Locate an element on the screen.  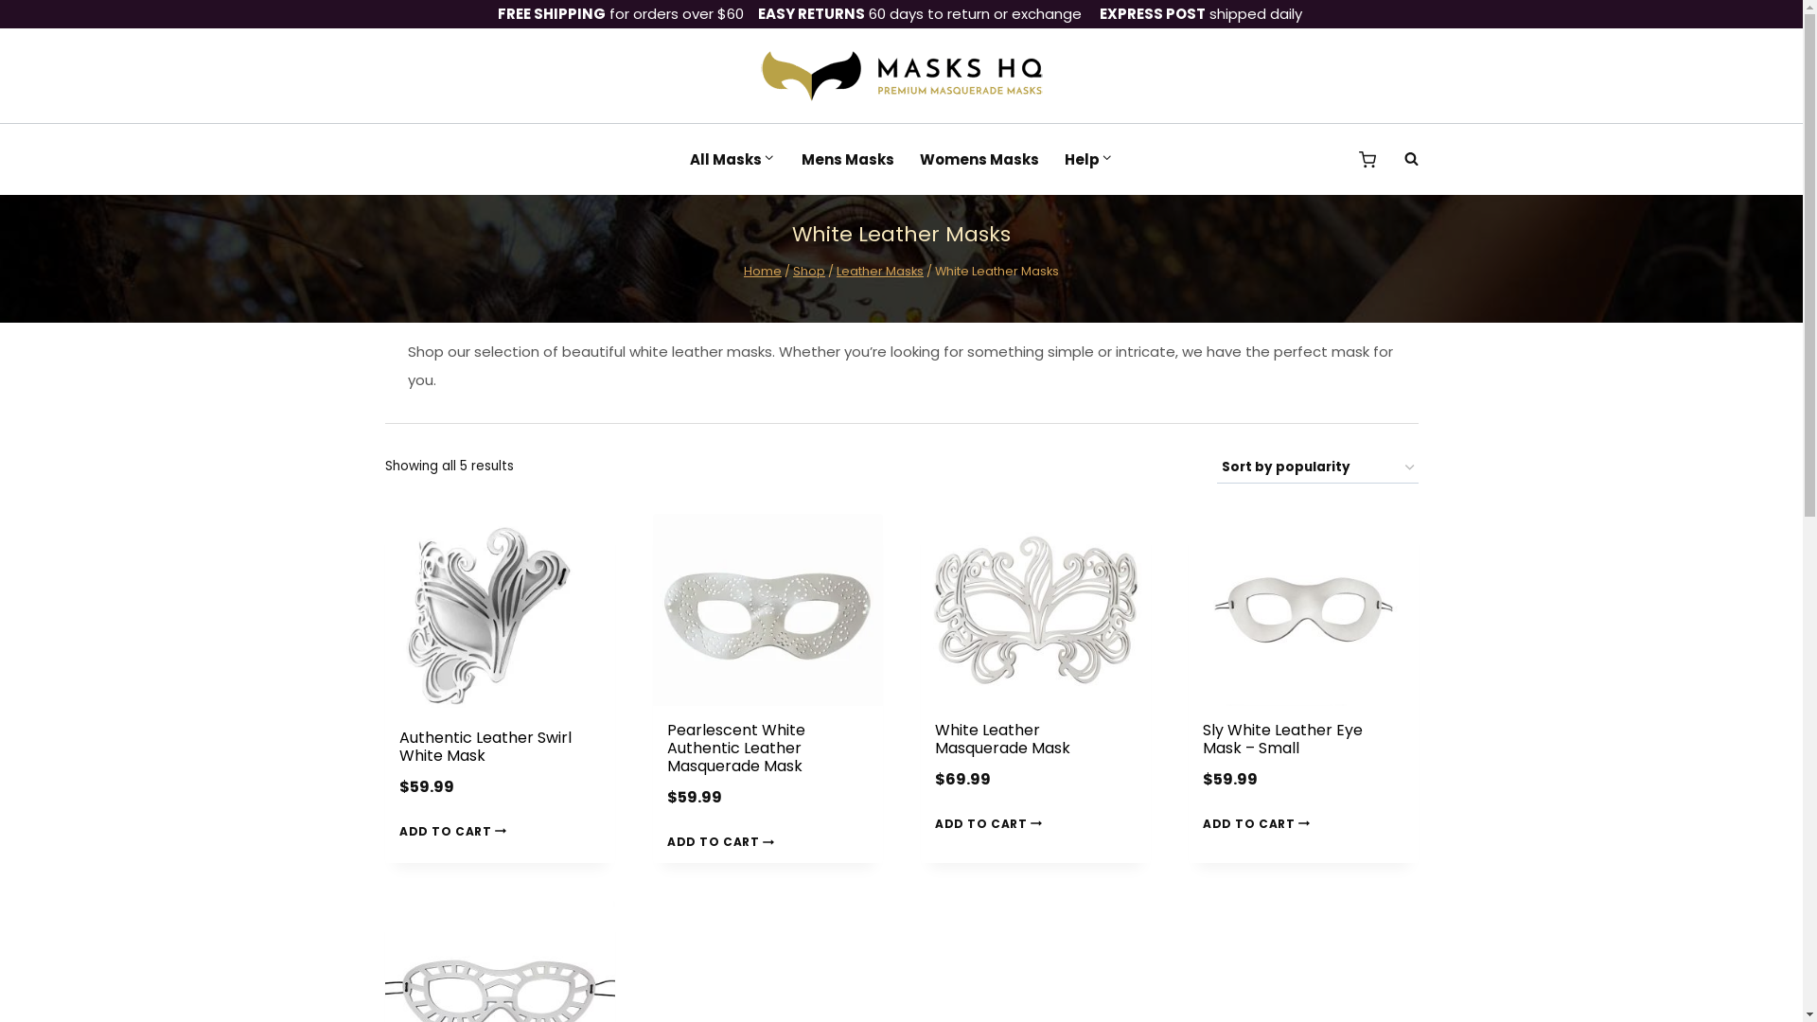
'ADD TO CART' is located at coordinates (1259, 822).